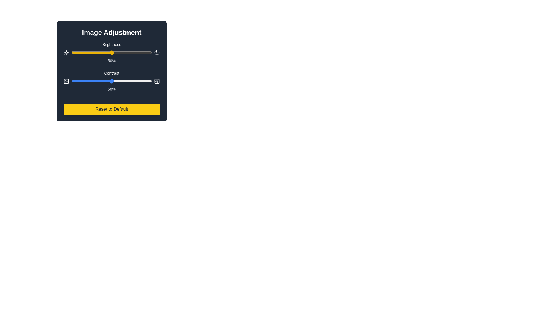  Describe the element at coordinates (126, 81) in the screenshot. I see `the contrast level` at that location.